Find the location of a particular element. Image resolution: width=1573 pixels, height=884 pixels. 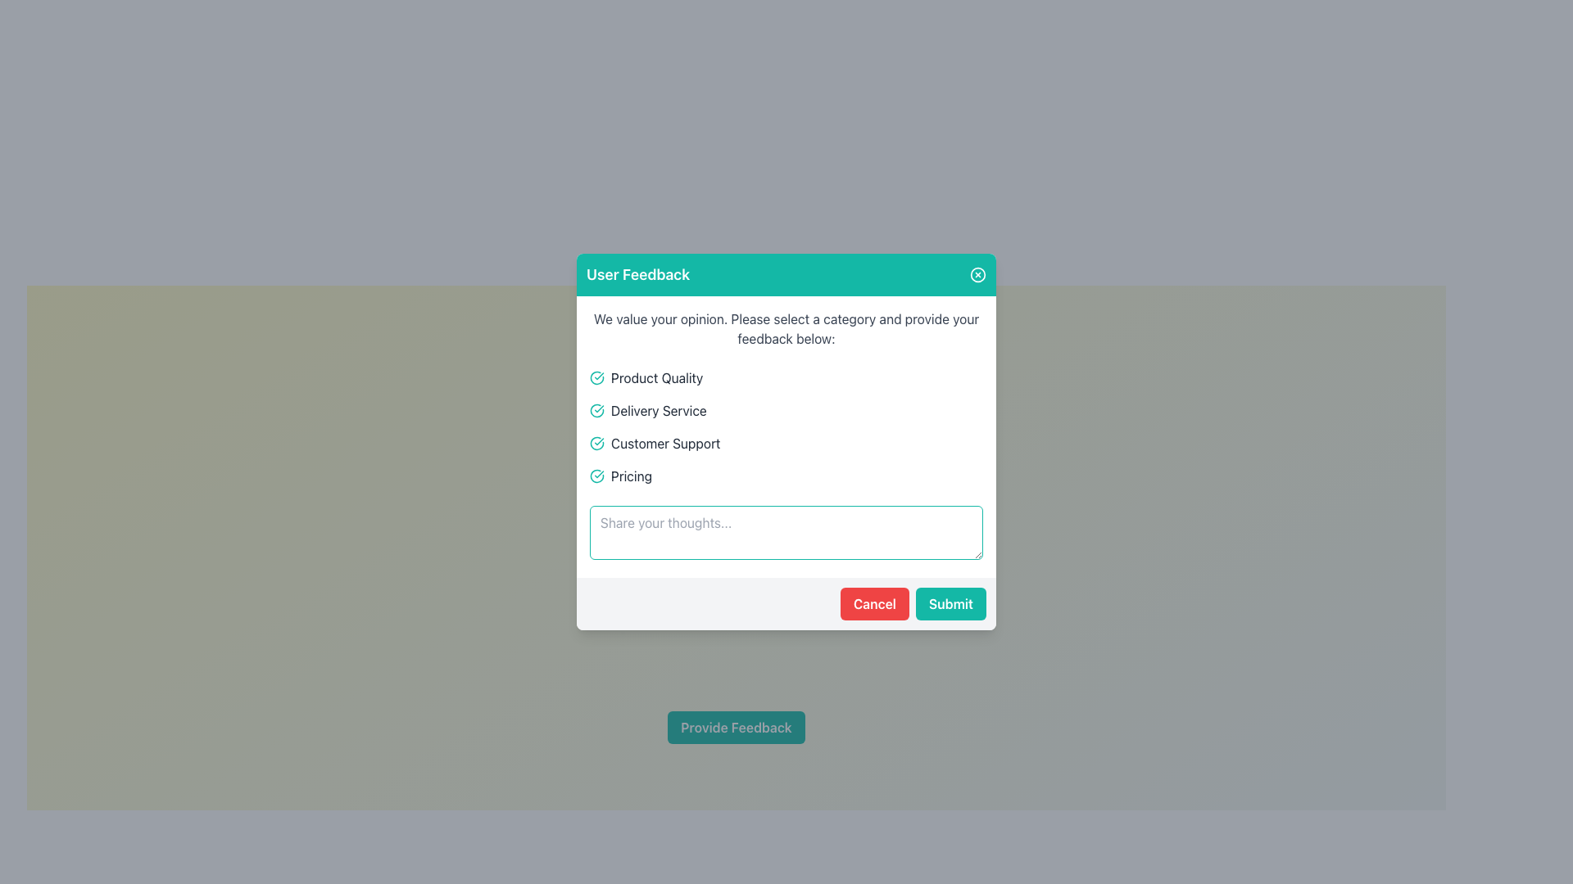

the 'Product Quality' text label displayed in gray (#4A4A4A) at the top-left corner of the feedback form modal is located at coordinates (657, 378).